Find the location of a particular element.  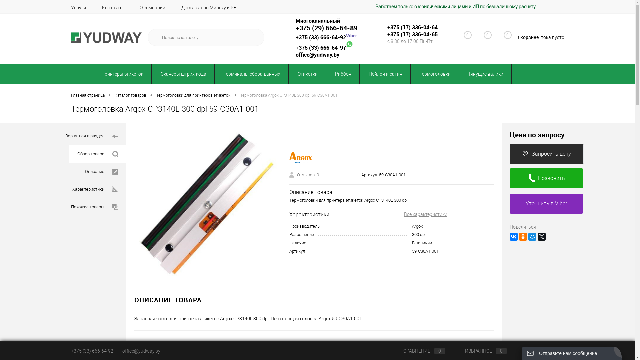

'+375 (29) 666-64-89' is located at coordinates (326, 27).